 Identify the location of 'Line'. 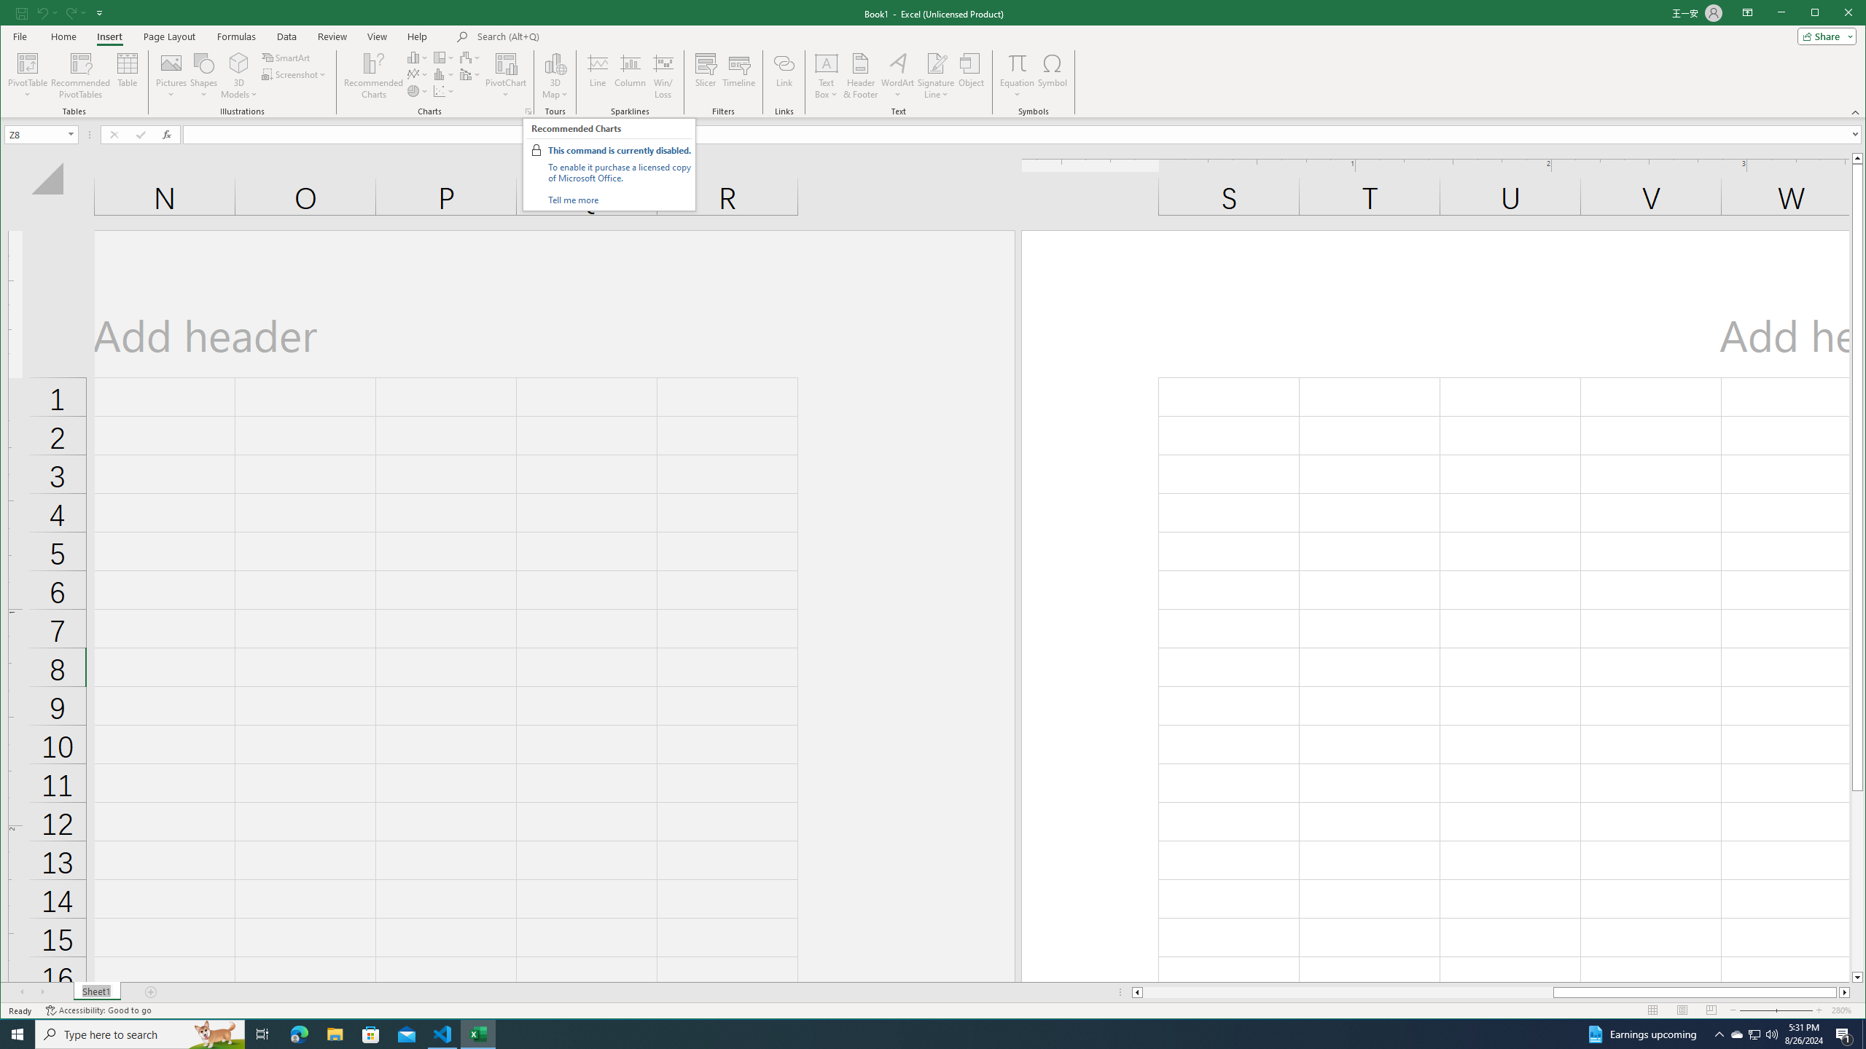
(597, 75).